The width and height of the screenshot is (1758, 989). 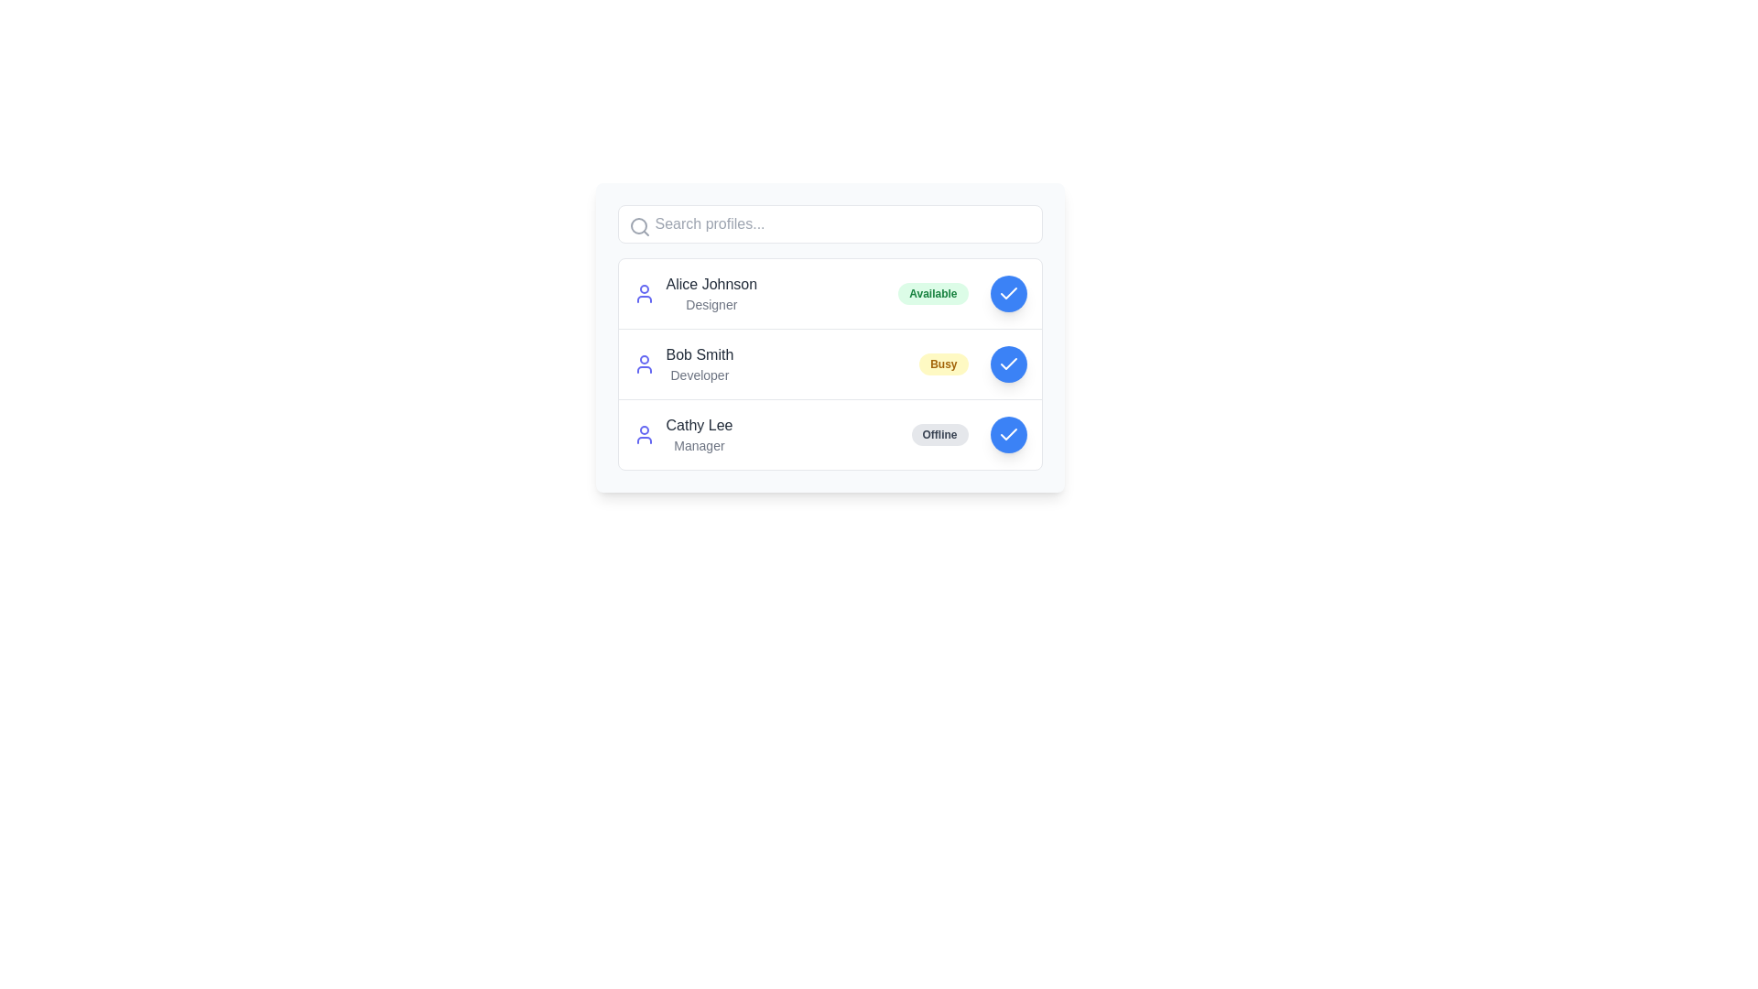 What do you see at coordinates (699, 364) in the screenshot?
I see `the Profile entry for 'Bob Smith', which displays his name in bold dark-gray font and title 'Developer' in lighter-gray font, located as the second row in the user profiles list` at bounding box center [699, 364].